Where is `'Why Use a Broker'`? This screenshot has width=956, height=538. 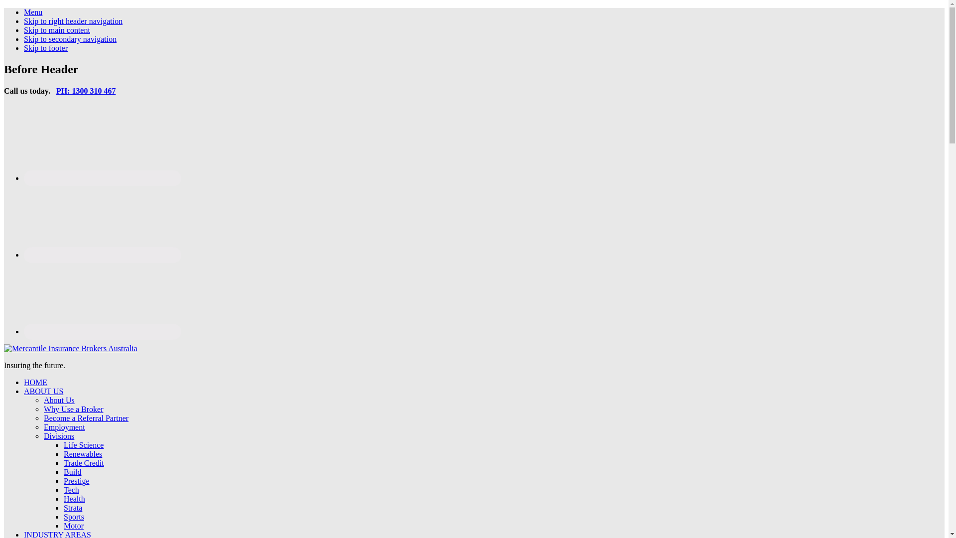
'Why Use a Broker' is located at coordinates (73, 409).